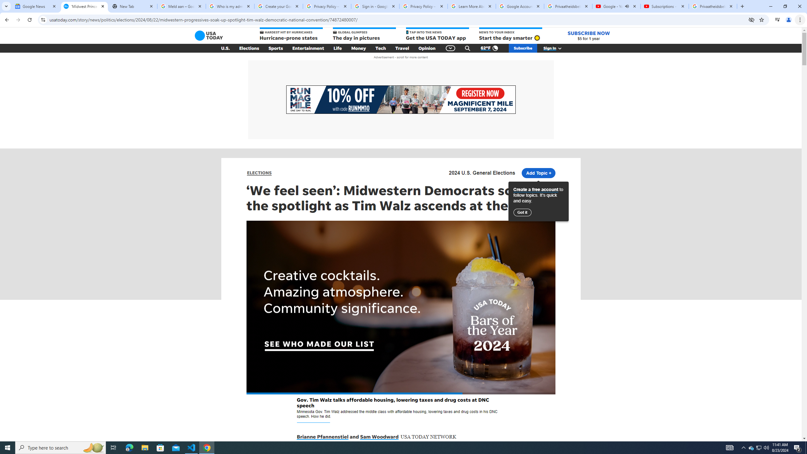  What do you see at coordinates (402, 48) in the screenshot?
I see `'Travel'` at bounding box center [402, 48].